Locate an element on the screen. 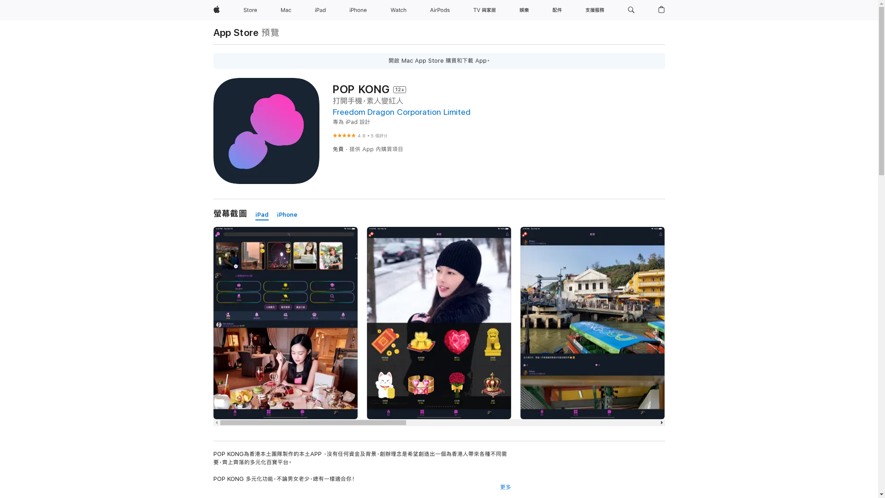 Image resolution: width=885 pixels, height=498 pixels. 'iPad' is located at coordinates (320, 10).